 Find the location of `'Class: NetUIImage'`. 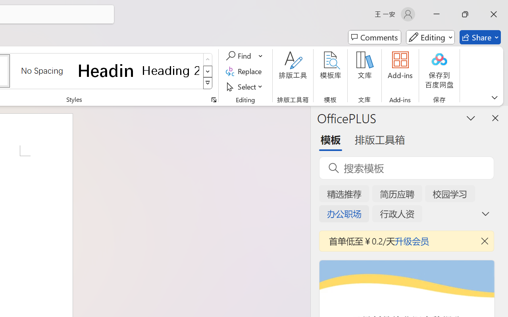

'Class: NetUIImage' is located at coordinates (208, 83).